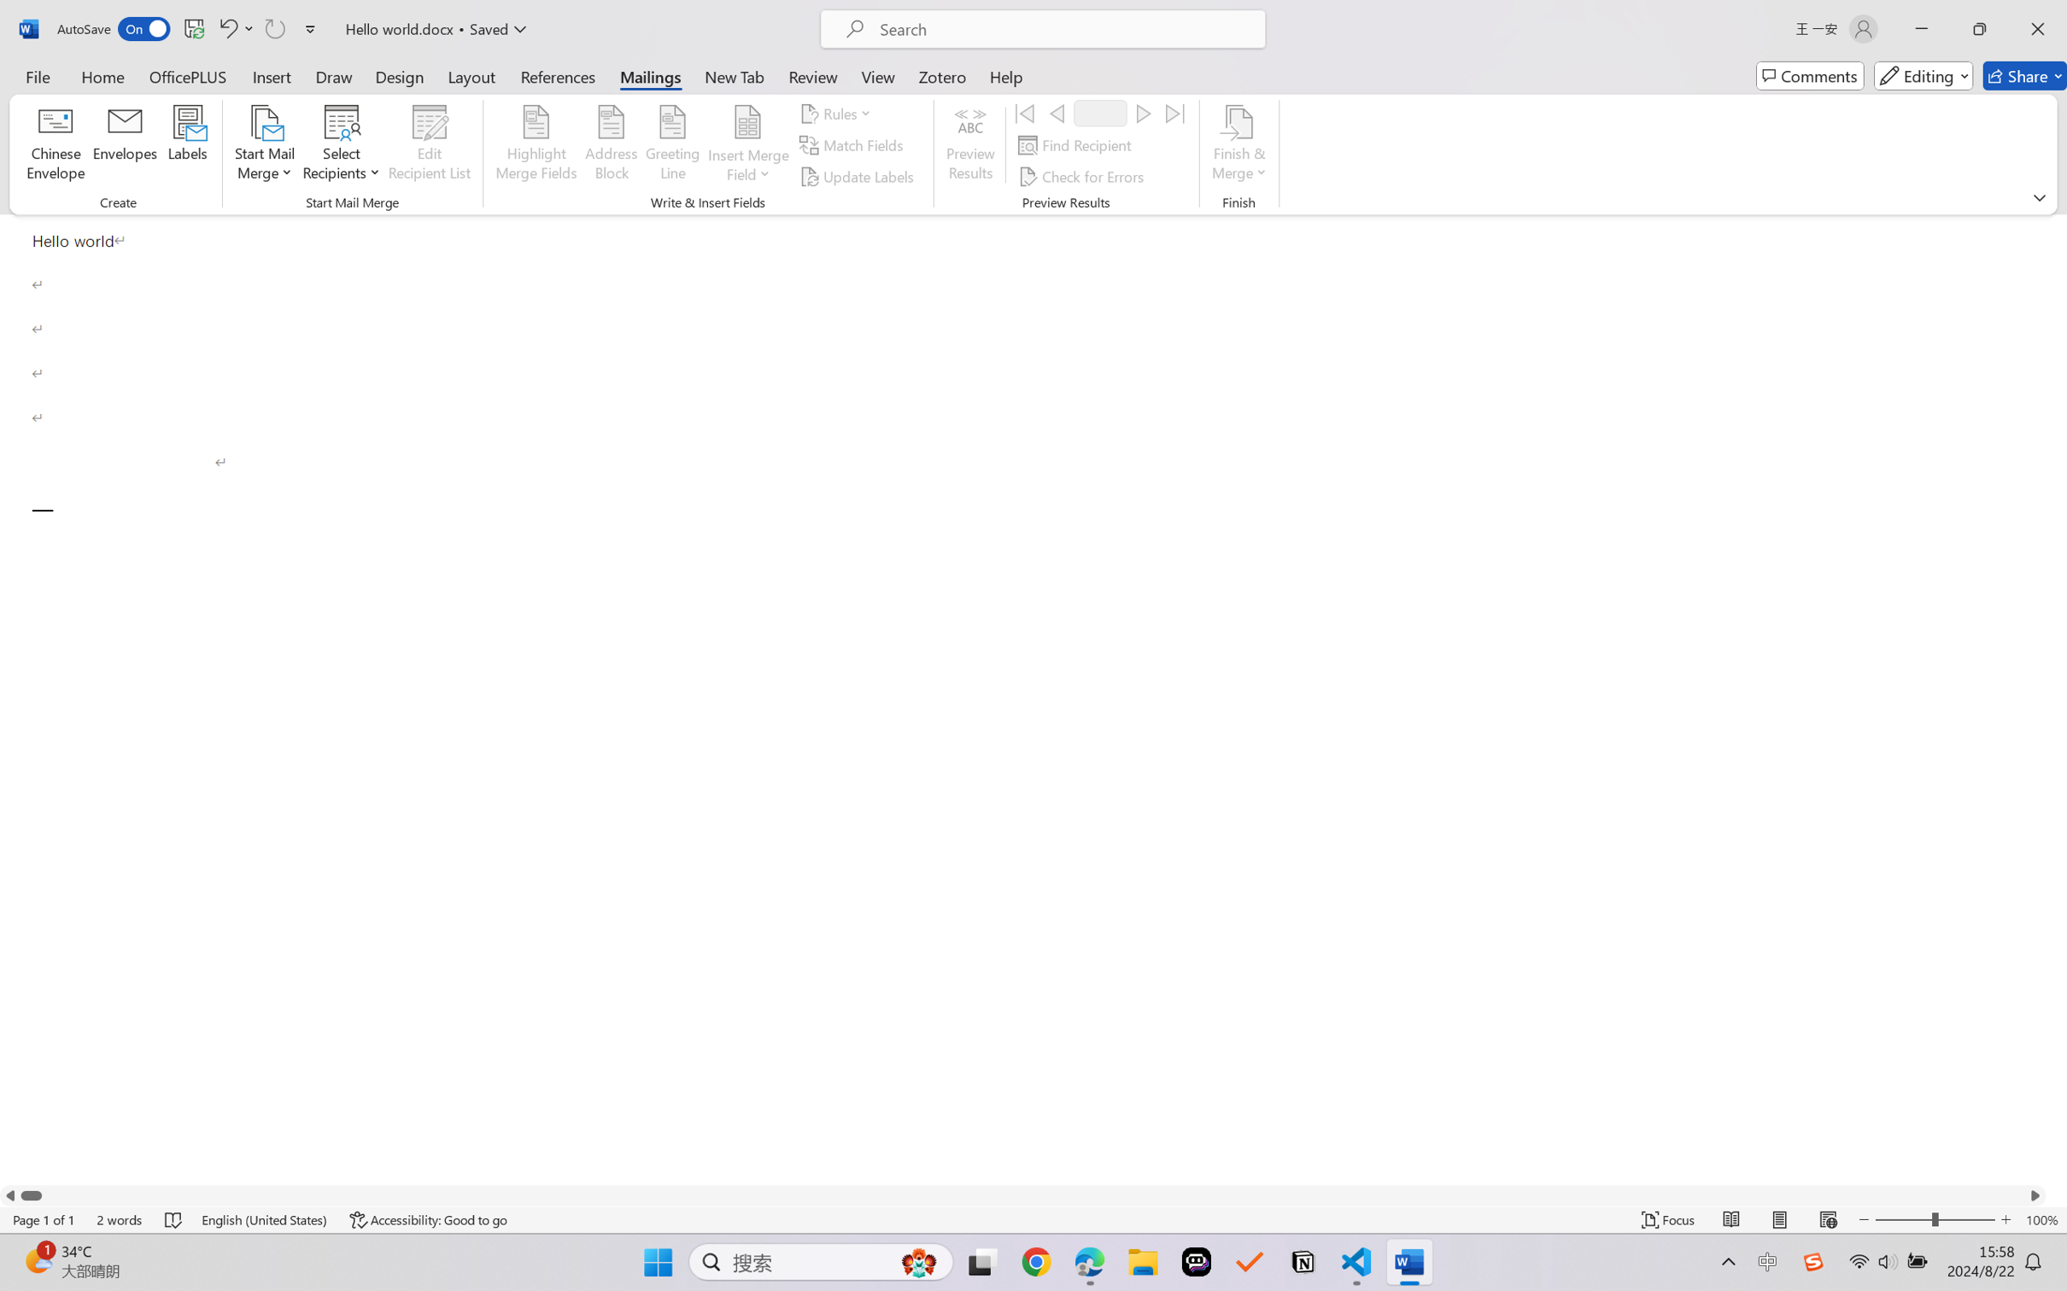 This screenshot has width=2067, height=1291. What do you see at coordinates (430, 145) in the screenshot?
I see `'Edit Recipient List...'` at bounding box center [430, 145].